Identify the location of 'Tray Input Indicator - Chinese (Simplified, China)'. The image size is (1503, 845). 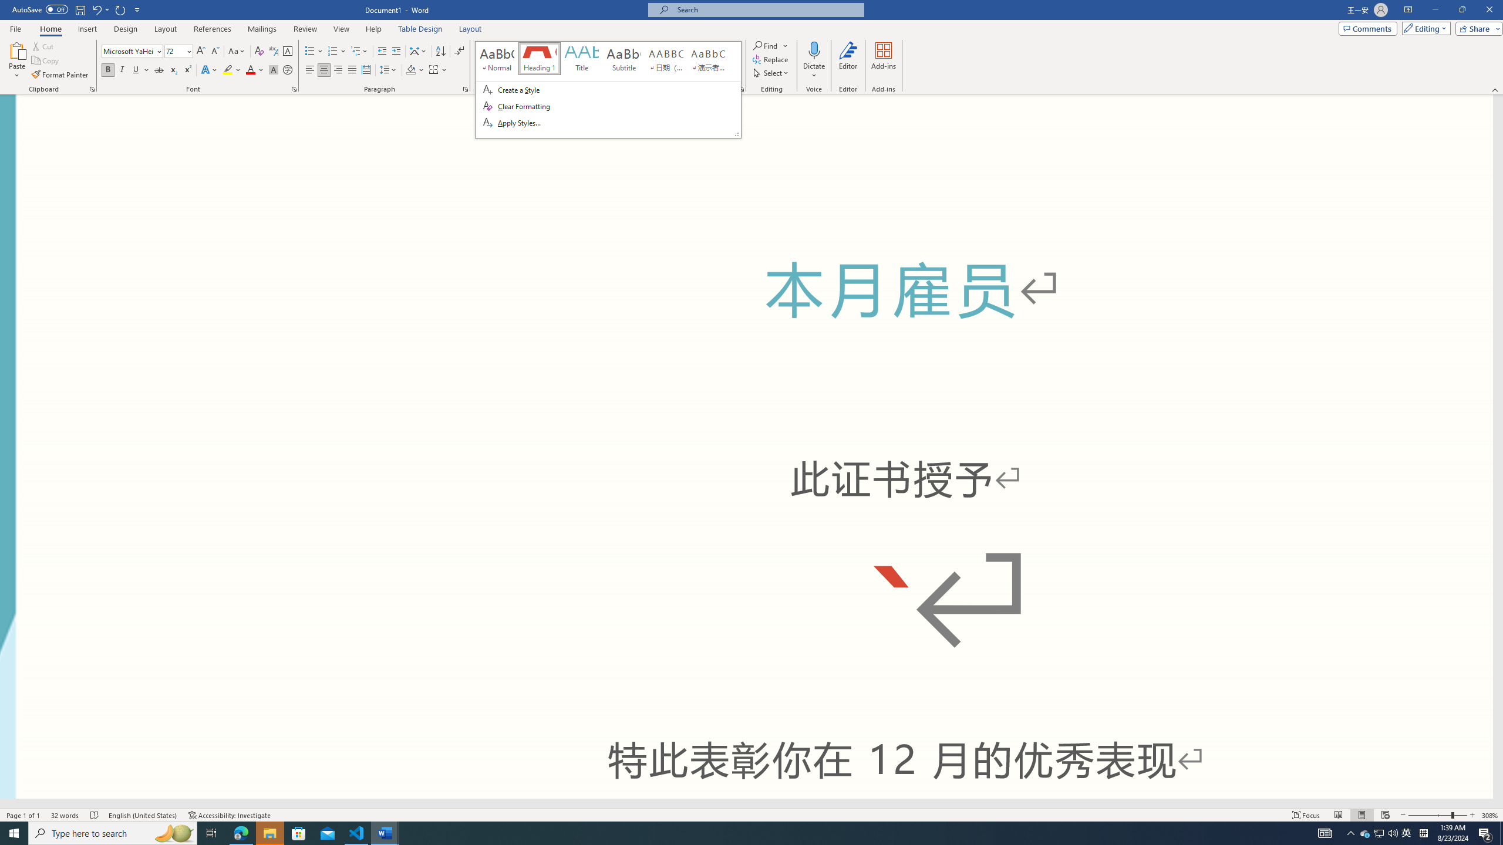
(1423, 832).